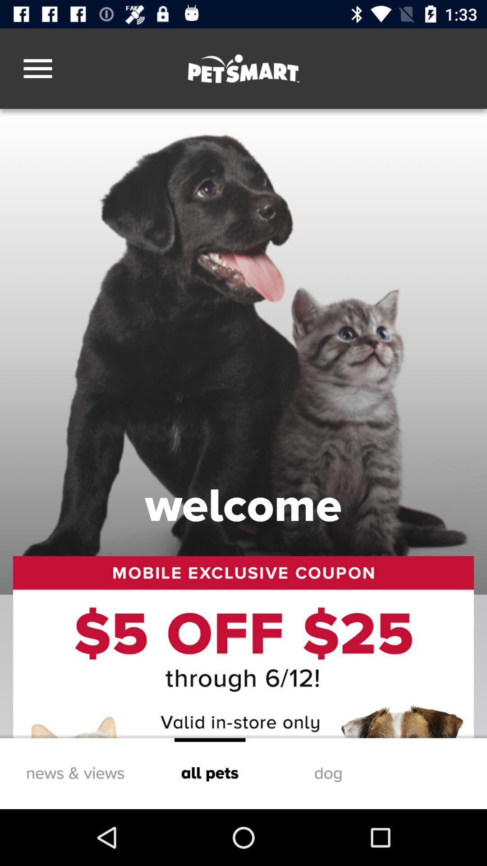  What do you see at coordinates (243, 646) in the screenshot?
I see `the icon below welcome` at bounding box center [243, 646].